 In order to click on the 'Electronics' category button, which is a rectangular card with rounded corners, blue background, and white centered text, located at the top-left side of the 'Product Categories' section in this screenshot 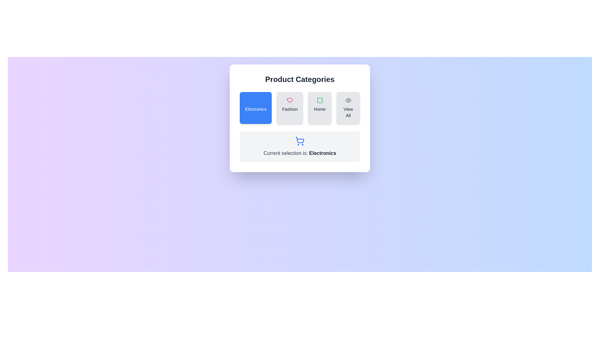, I will do `click(255, 107)`.